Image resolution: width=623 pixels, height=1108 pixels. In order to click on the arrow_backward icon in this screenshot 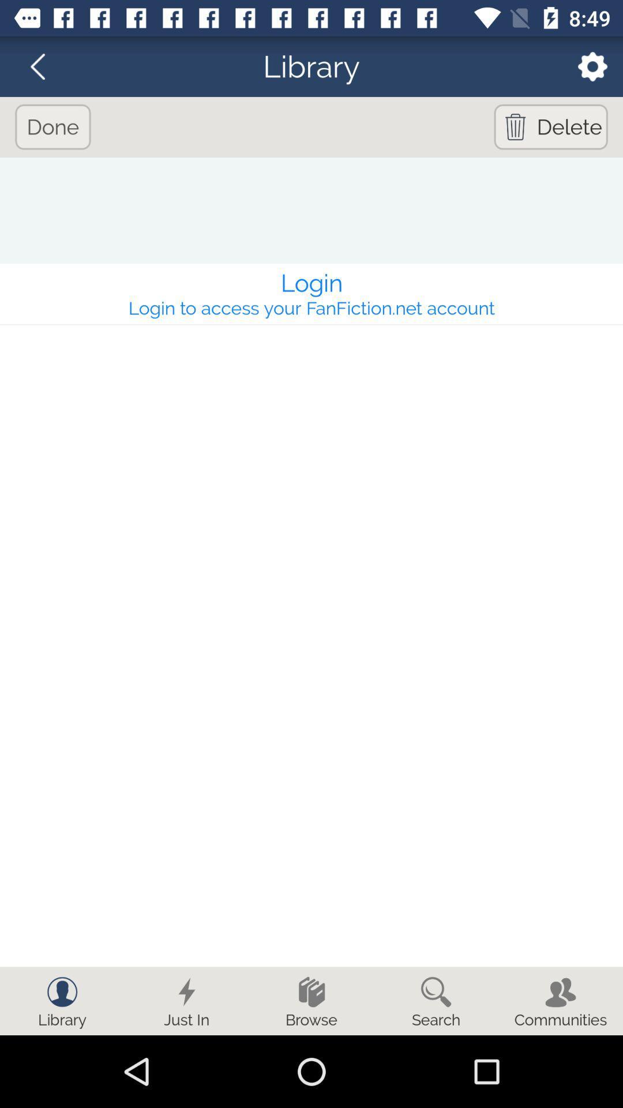, I will do `click(44, 66)`.